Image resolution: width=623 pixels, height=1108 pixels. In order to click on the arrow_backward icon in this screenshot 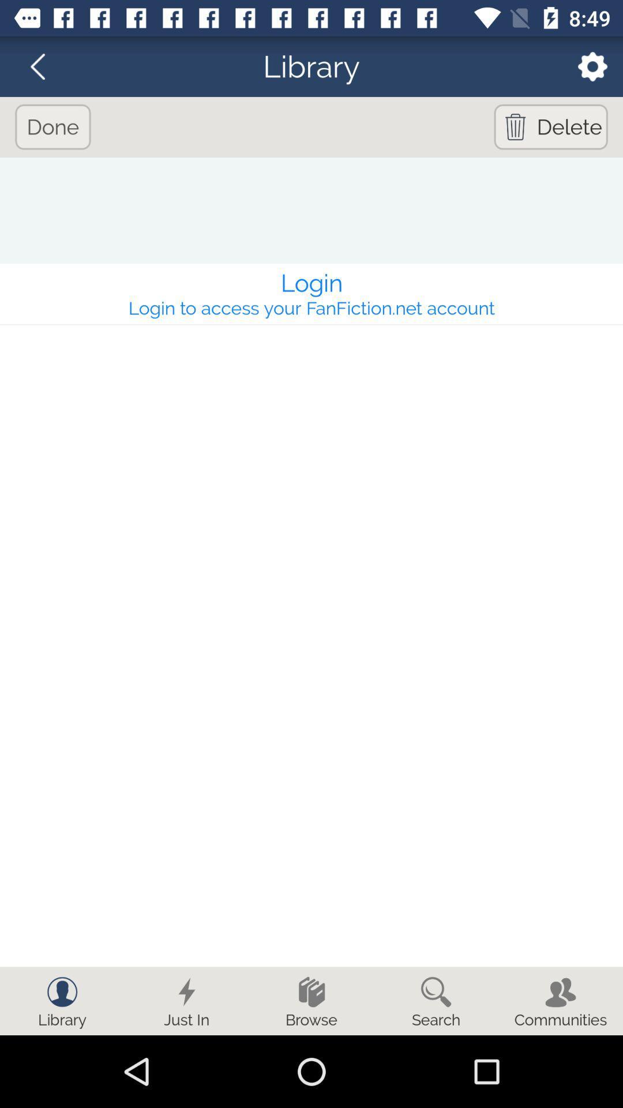, I will do `click(44, 66)`.